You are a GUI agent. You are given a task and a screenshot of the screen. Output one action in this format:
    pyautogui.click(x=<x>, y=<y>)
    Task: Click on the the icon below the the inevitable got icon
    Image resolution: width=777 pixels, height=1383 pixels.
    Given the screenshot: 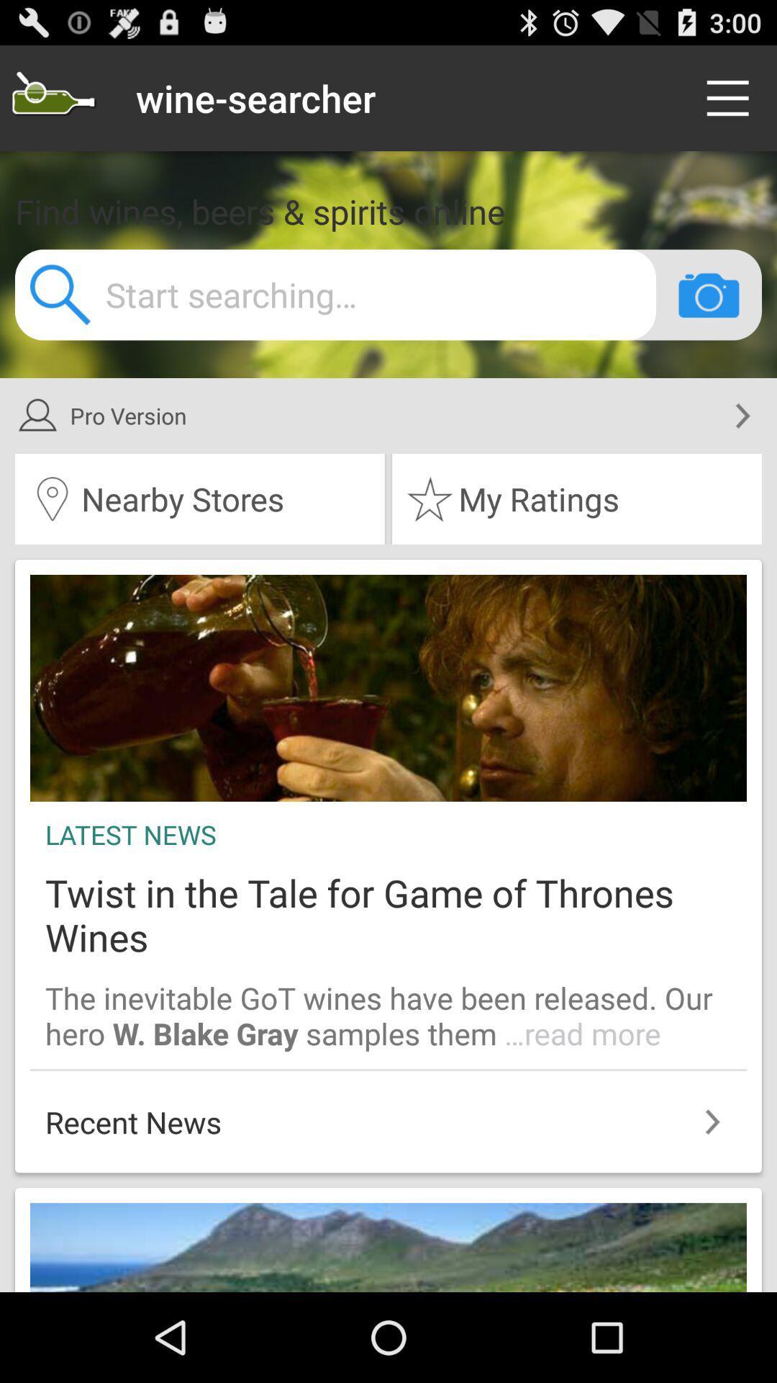 What is the action you would take?
    pyautogui.click(x=388, y=1114)
    